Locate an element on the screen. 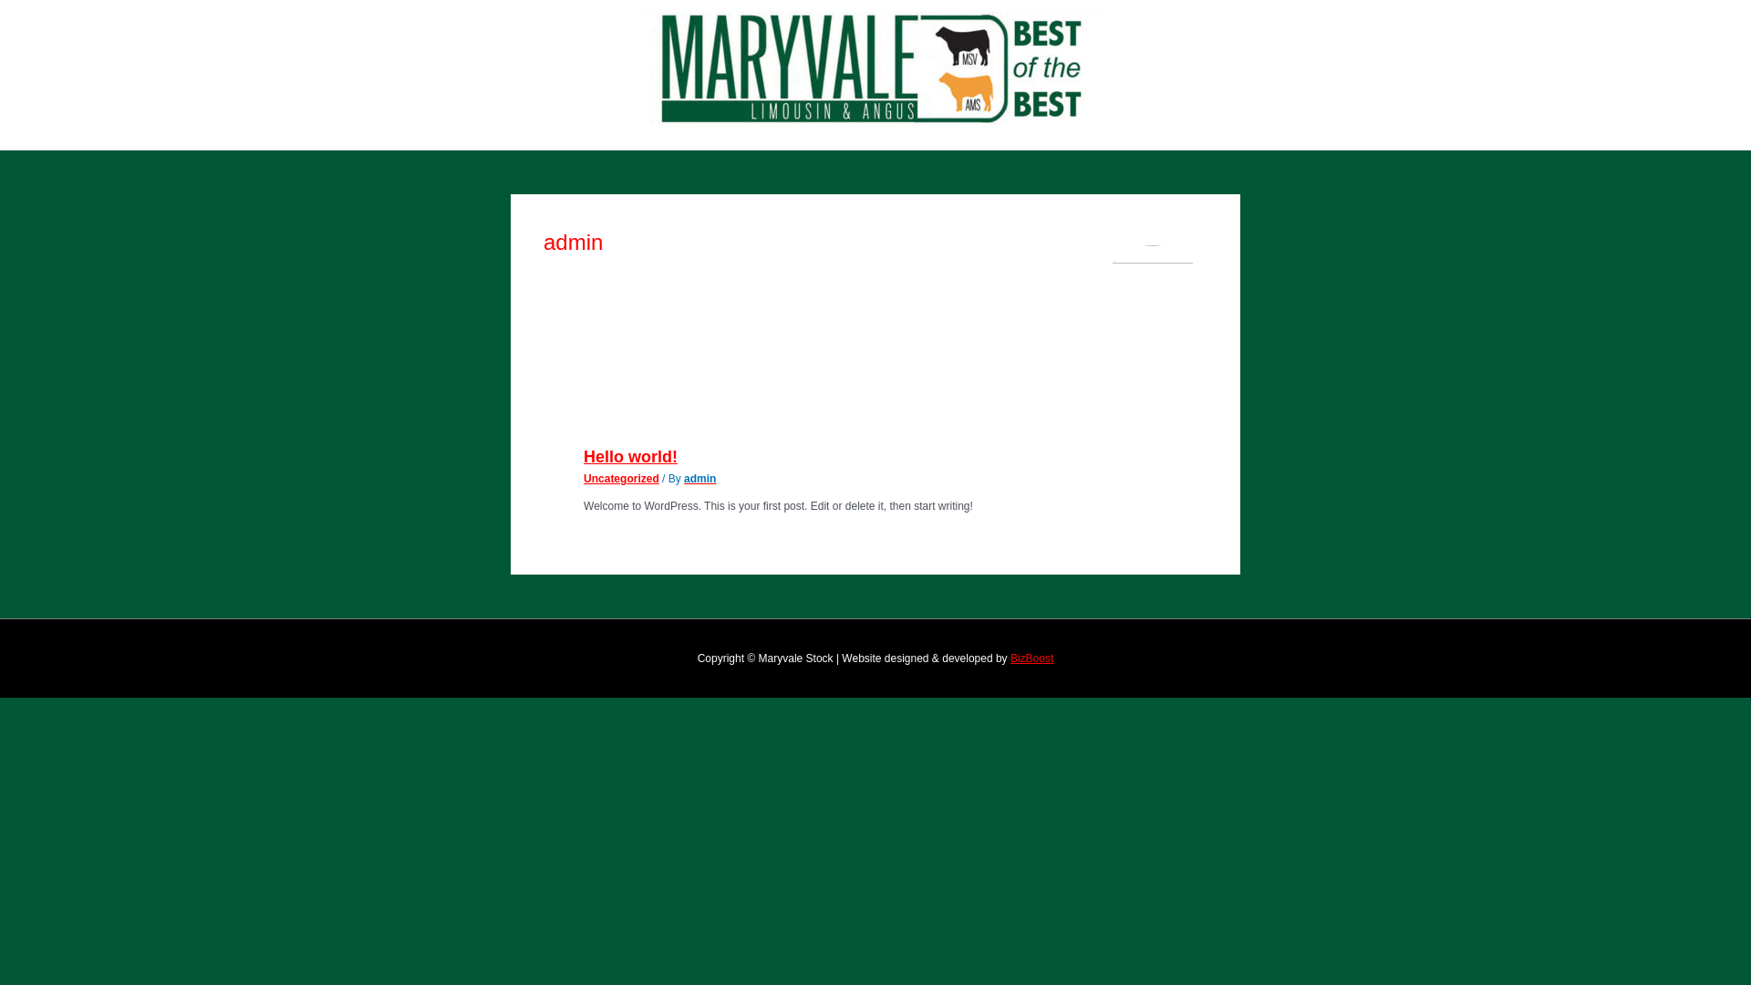 This screenshot has width=1751, height=985. 'admin' is located at coordinates (699, 477).